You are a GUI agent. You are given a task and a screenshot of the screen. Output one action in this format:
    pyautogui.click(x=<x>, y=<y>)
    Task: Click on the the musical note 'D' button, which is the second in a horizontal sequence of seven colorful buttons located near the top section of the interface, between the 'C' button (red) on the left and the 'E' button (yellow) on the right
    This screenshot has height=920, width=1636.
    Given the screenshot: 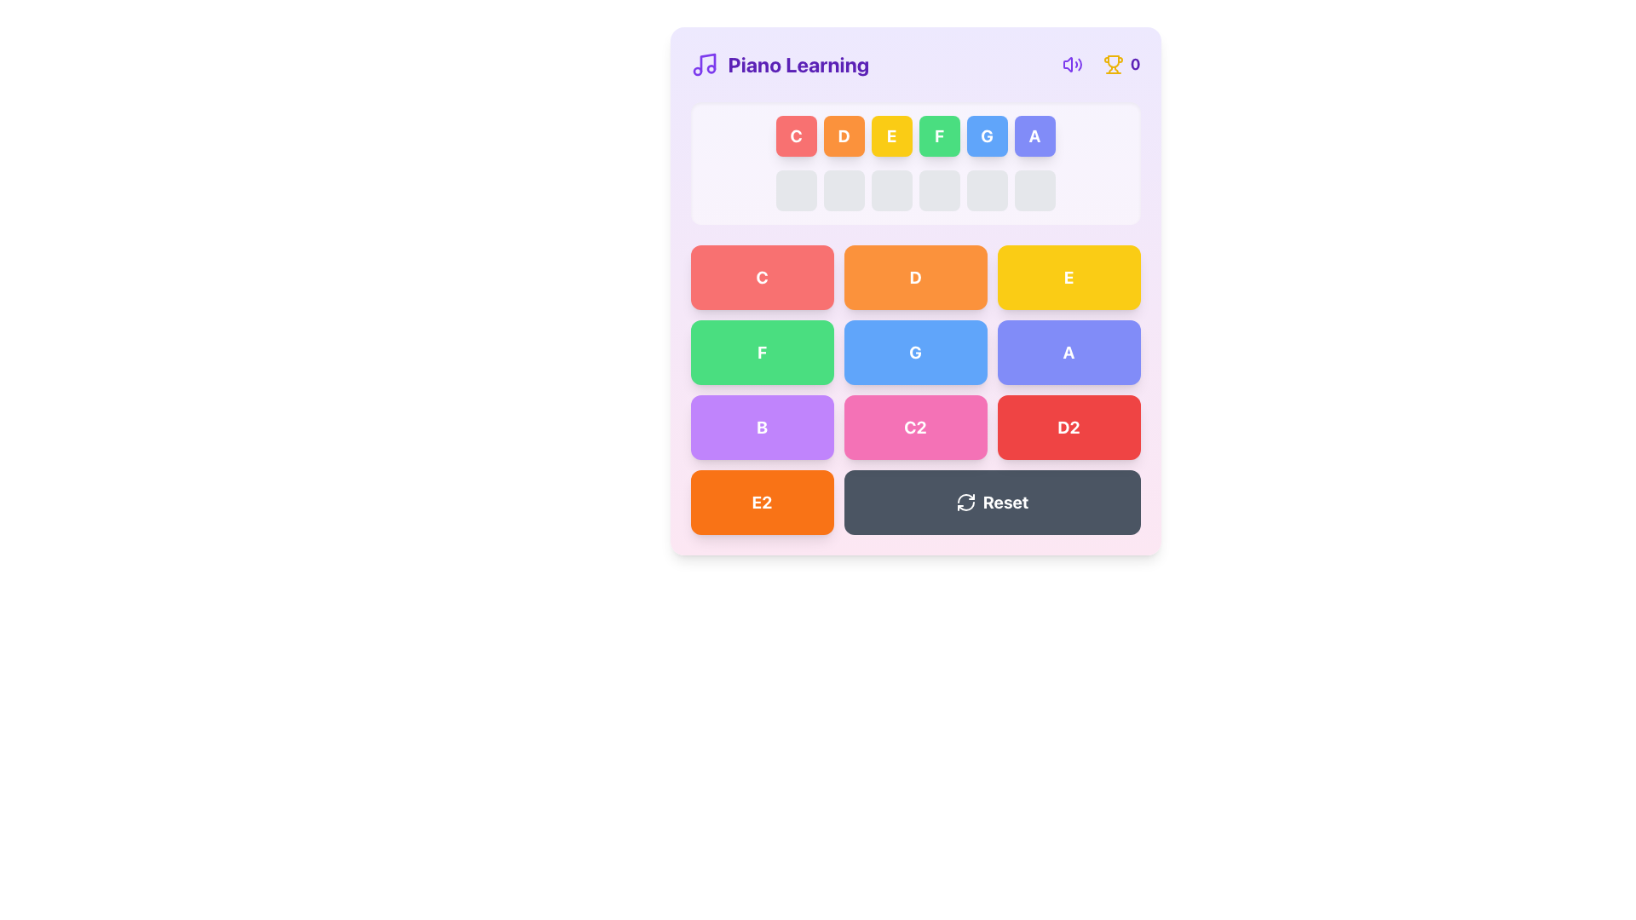 What is the action you would take?
    pyautogui.click(x=844, y=135)
    